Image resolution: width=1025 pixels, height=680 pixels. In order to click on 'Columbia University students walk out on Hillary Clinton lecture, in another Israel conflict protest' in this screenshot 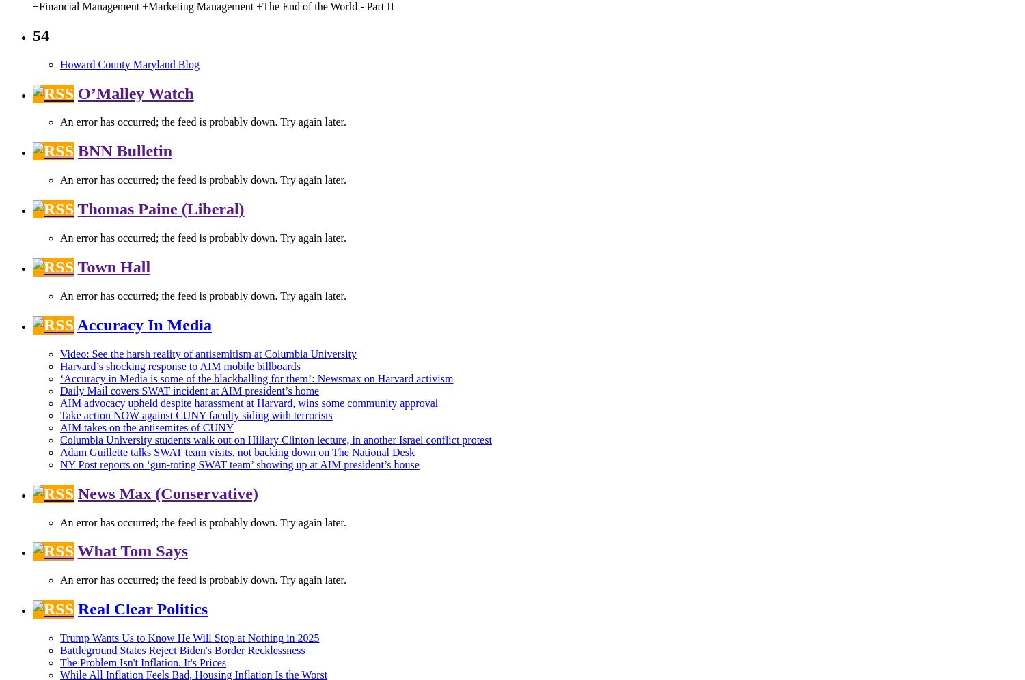, I will do `click(59, 438)`.